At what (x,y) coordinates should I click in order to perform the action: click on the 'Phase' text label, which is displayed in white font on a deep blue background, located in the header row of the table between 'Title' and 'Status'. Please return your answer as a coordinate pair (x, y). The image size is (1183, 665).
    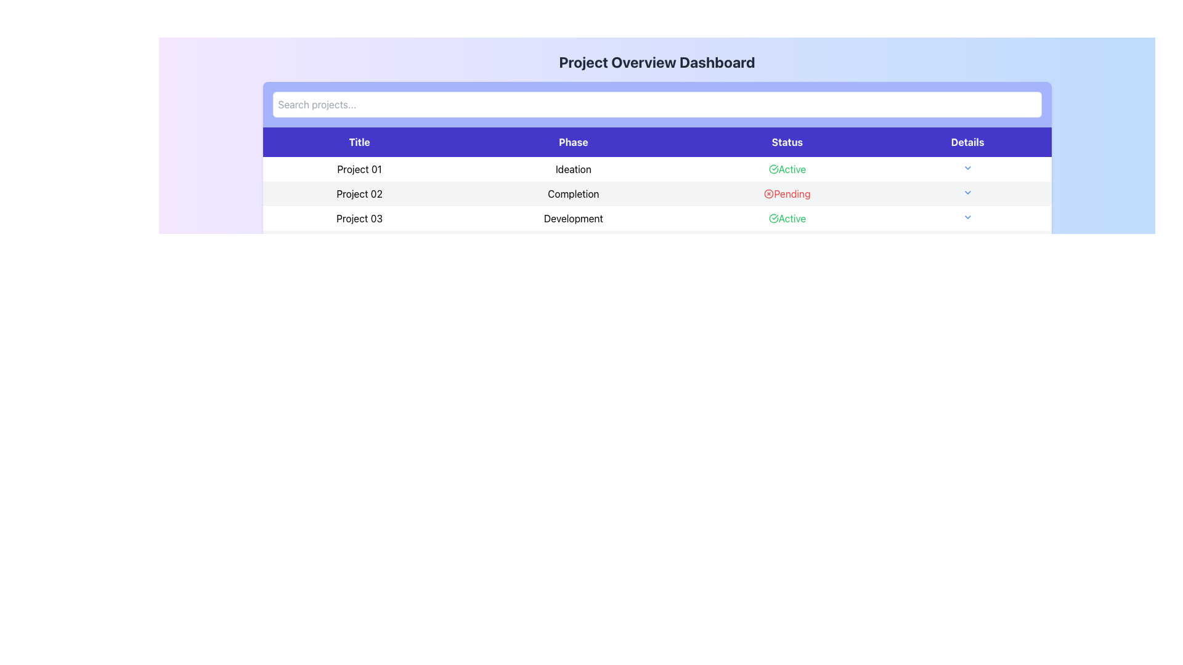
    Looking at the image, I should click on (572, 142).